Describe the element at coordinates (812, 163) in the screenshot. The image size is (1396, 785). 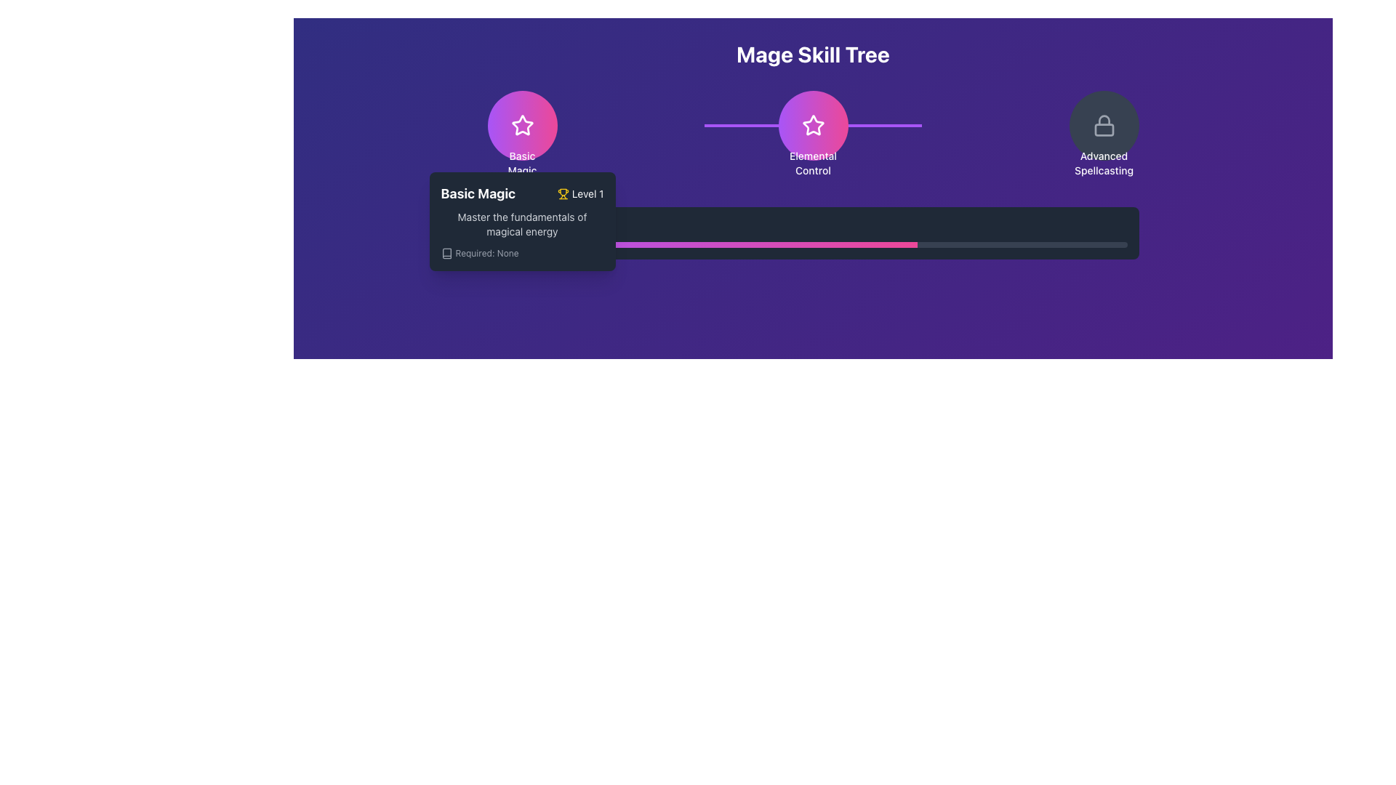
I see `the 'Elemental Control' text label, which is positioned directly below the main circular icon in the skill tree layout` at that location.